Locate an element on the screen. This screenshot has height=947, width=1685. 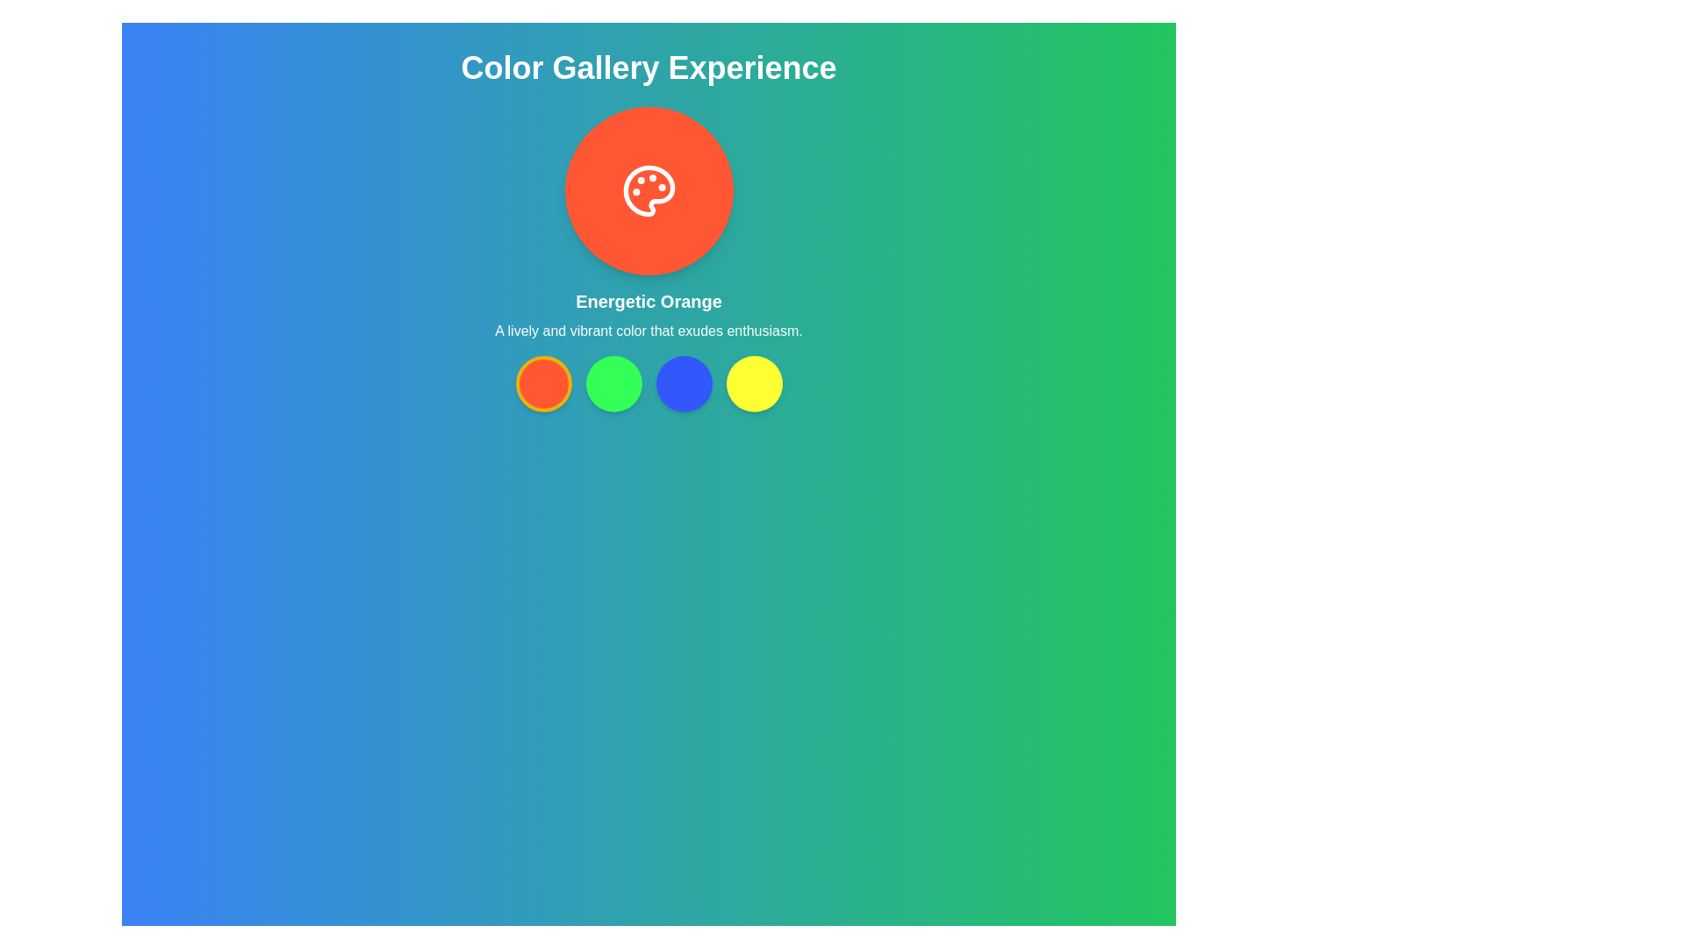
the vibrant blue circular button located centrally among four buttons beneath the 'Color Gallery Experience' title is located at coordinates (683, 383).